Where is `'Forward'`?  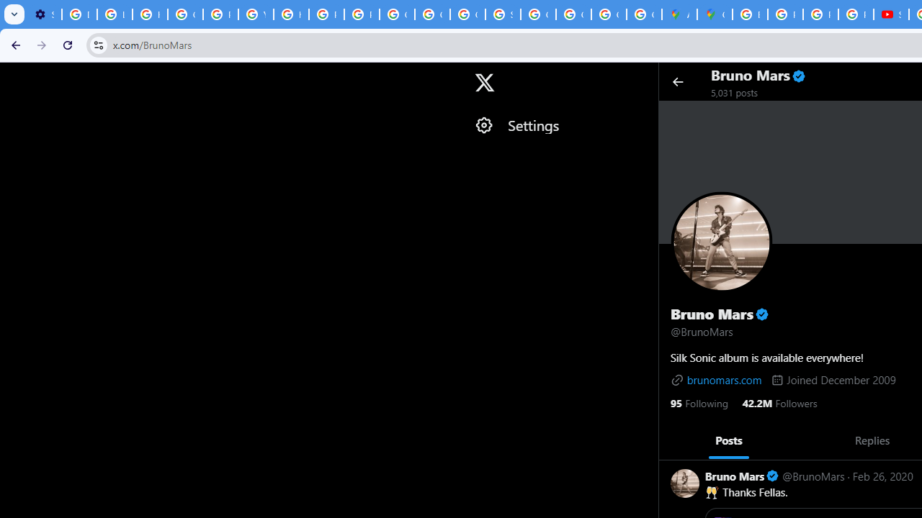
'Forward' is located at coordinates (42, 44).